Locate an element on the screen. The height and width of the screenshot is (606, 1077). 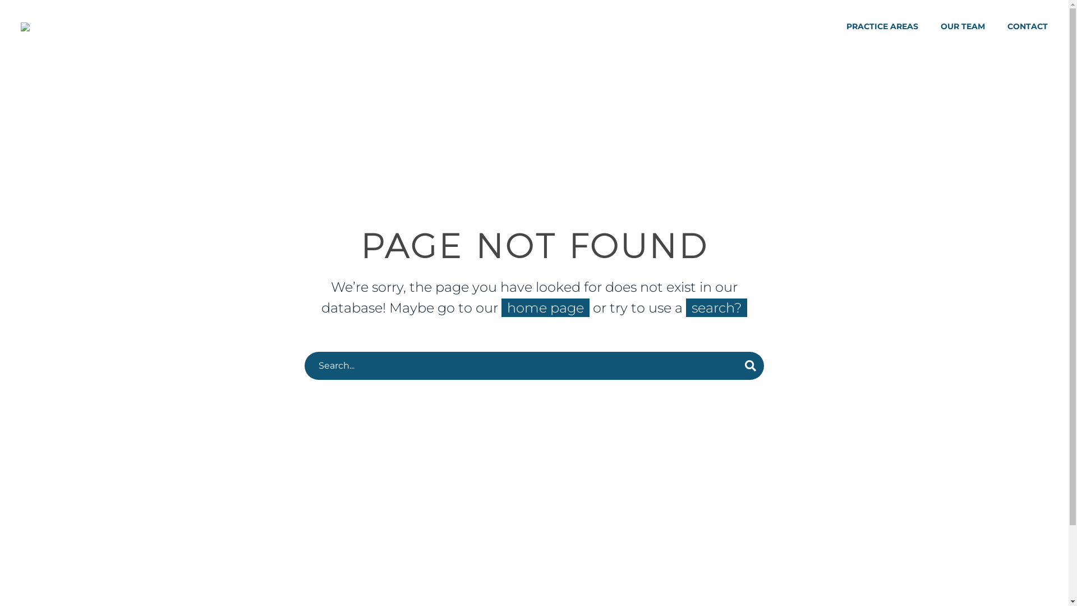
'search?' is located at coordinates (716, 307).